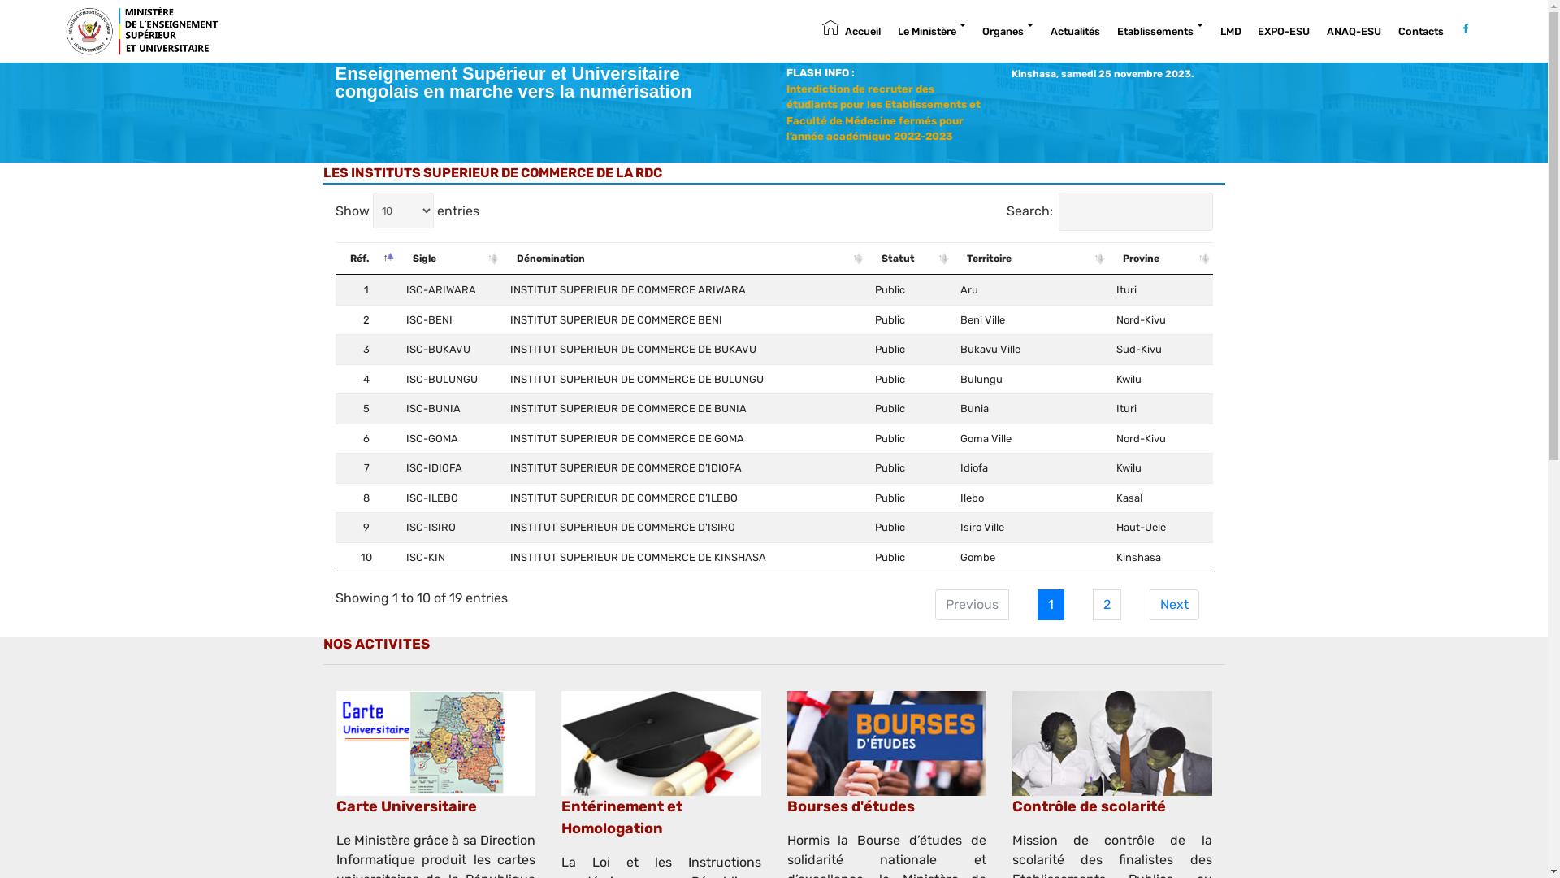 This screenshot has width=1560, height=878. What do you see at coordinates (1282, 31) in the screenshot?
I see `'EXPO-ESU'` at bounding box center [1282, 31].